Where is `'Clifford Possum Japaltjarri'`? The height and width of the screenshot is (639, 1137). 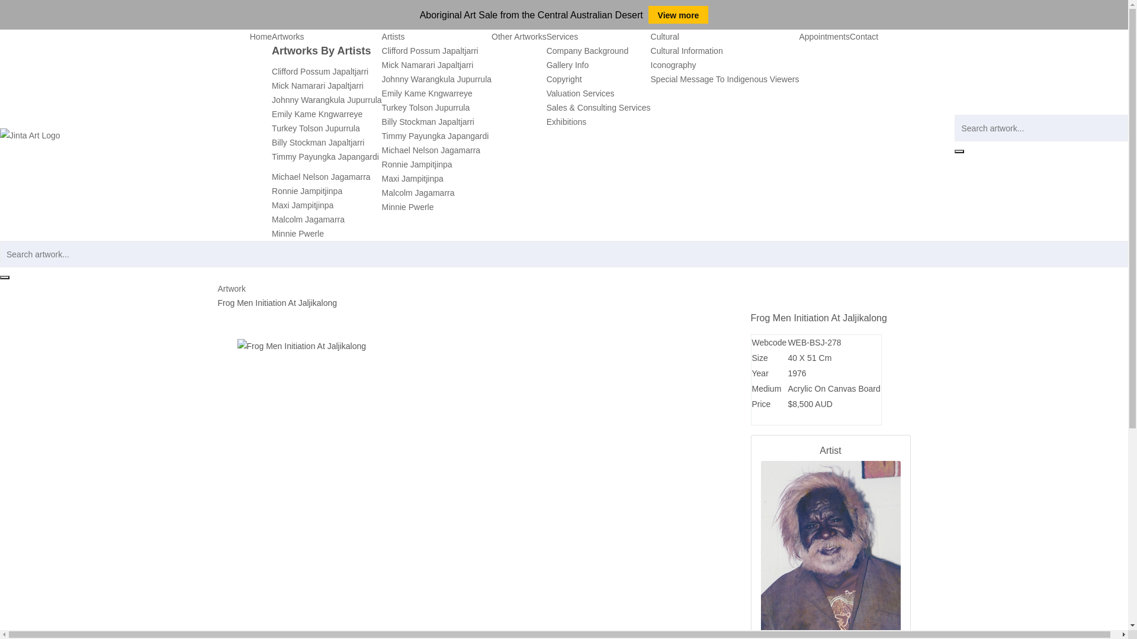 'Clifford Possum Japaltjarri' is located at coordinates (320, 71).